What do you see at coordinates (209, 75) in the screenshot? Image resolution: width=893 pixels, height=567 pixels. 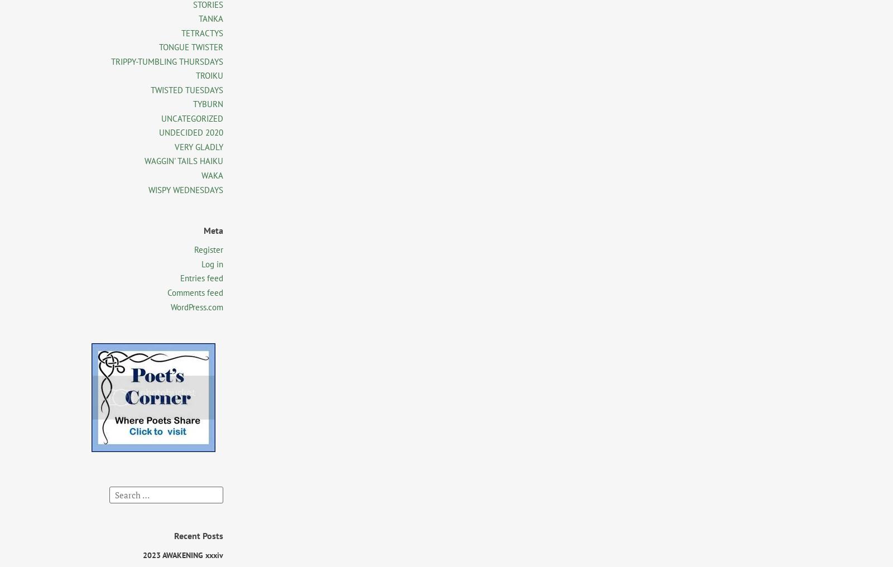 I see `'TROIKU'` at bounding box center [209, 75].